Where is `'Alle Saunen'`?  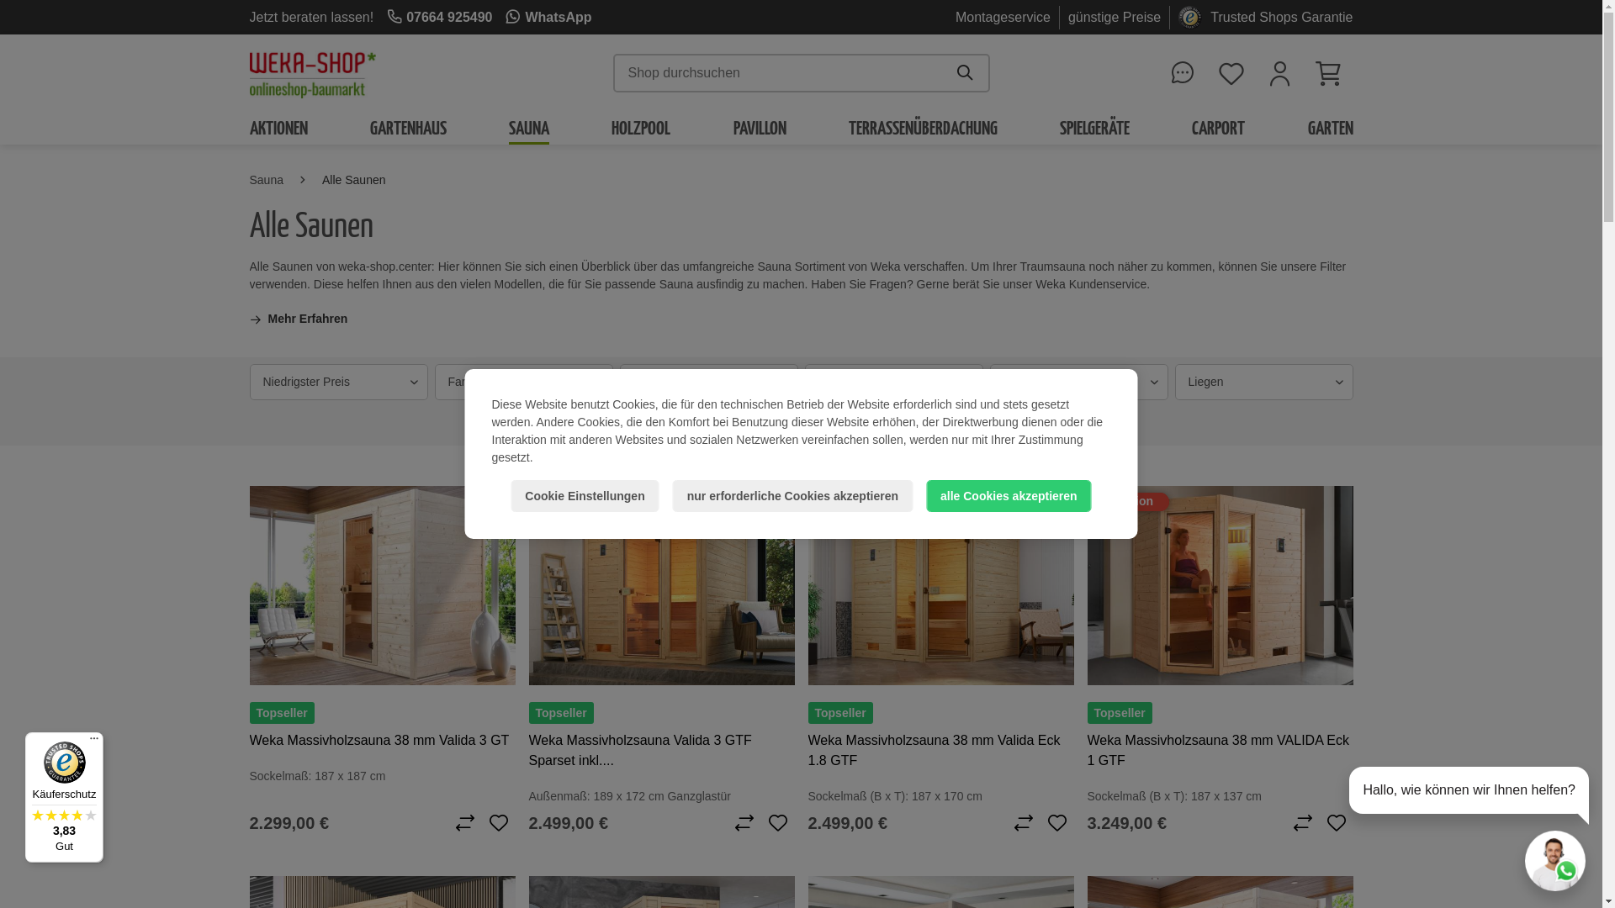 'Alle Saunen' is located at coordinates (353, 180).